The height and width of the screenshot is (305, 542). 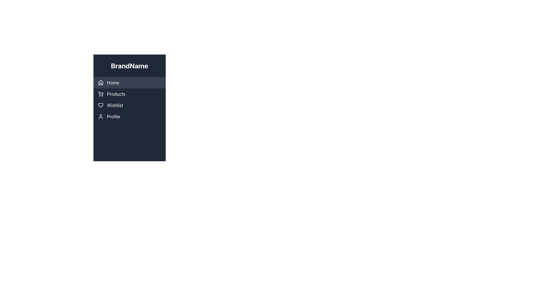 I want to click on the first icon in the vertical navigation menu that represents navigation to the 'Home' section, so click(x=100, y=83).